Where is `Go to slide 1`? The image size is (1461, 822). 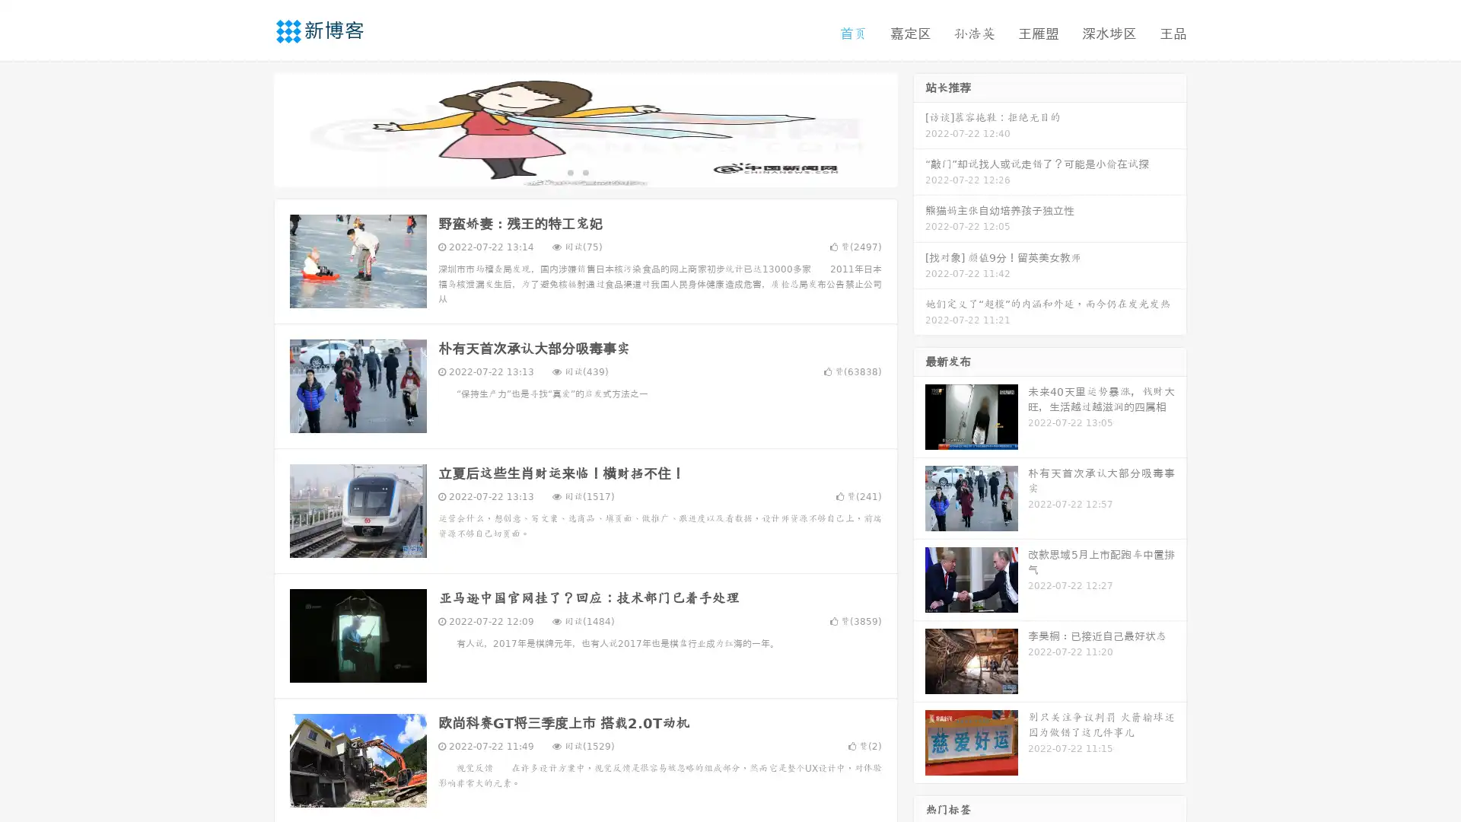 Go to slide 1 is located at coordinates (569, 171).